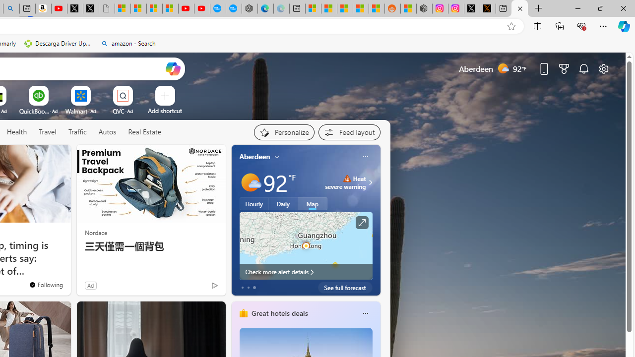 Image resolution: width=635 pixels, height=357 pixels. What do you see at coordinates (243, 313) in the screenshot?
I see `'hotels-header-icon'` at bounding box center [243, 313].